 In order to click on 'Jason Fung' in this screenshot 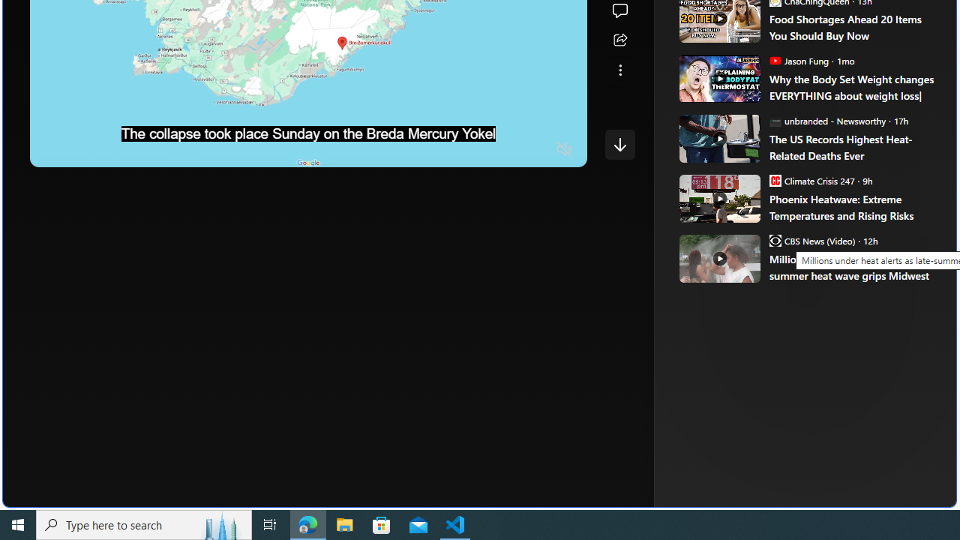, I will do `click(775, 59)`.